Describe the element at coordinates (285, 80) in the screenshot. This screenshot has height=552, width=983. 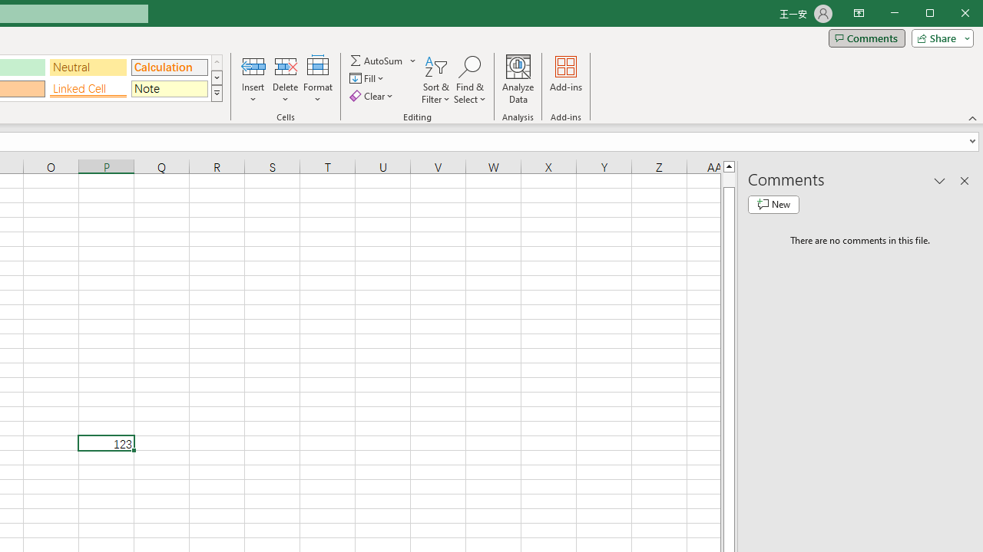
I see `'Delete'` at that location.